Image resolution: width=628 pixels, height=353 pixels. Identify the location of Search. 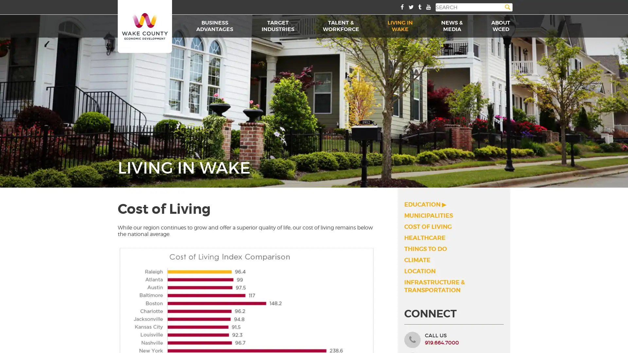
(507, 7).